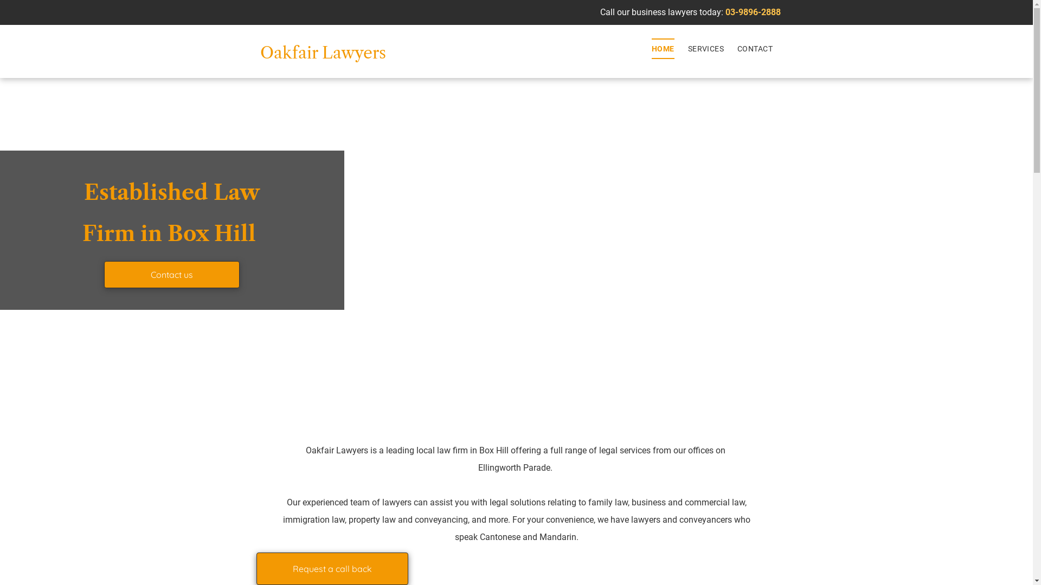 The image size is (1041, 585). Describe the element at coordinates (699, 48) in the screenshot. I see `'SERVICES'` at that location.